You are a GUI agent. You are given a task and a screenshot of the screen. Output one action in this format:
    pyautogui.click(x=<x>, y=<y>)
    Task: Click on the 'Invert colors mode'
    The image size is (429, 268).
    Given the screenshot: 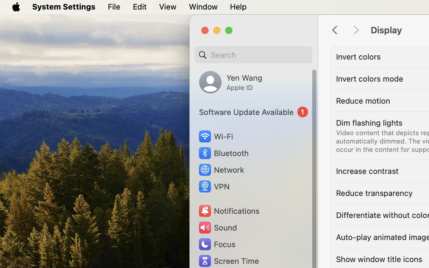 What is the action you would take?
    pyautogui.click(x=369, y=78)
    